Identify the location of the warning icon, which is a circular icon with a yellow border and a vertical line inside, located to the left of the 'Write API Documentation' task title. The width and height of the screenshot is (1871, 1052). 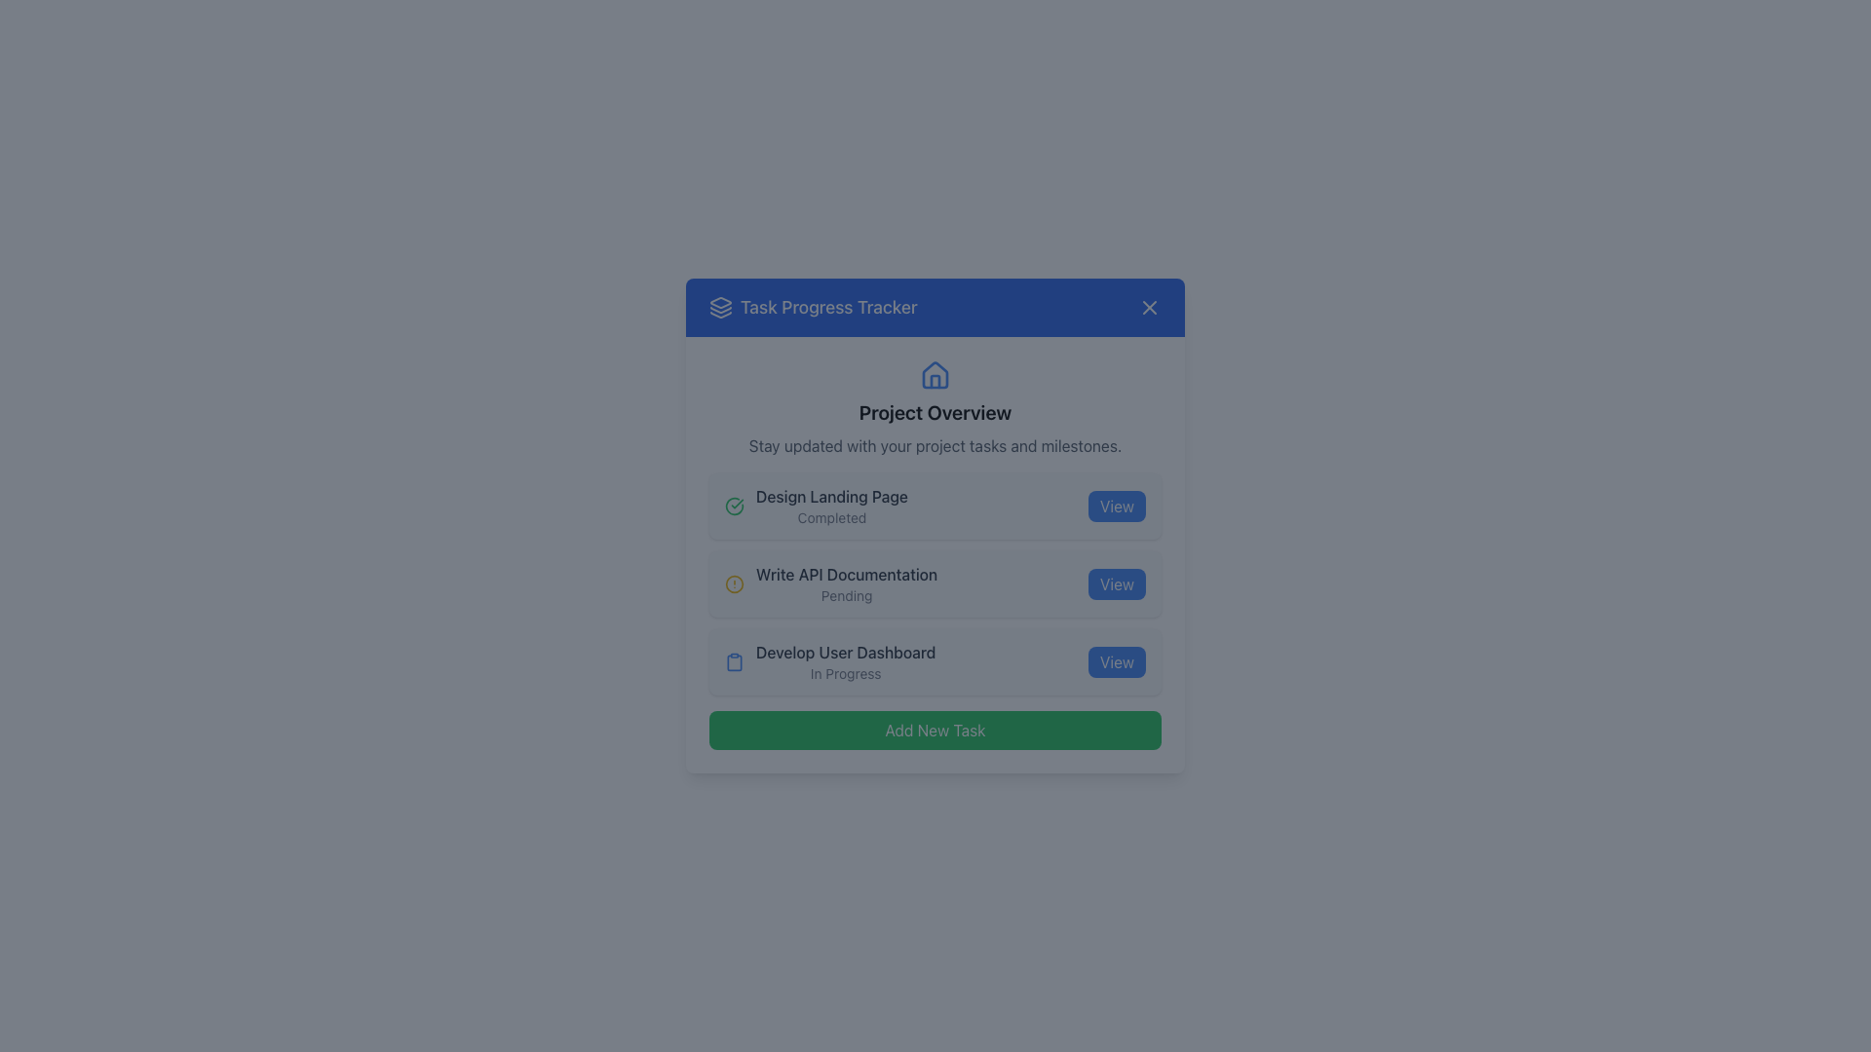
(733, 583).